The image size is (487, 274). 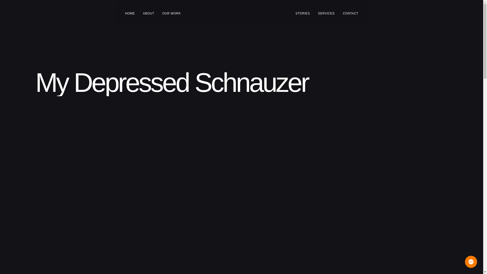 I want to click on 'SERVICES', so click(x=326, y=13).